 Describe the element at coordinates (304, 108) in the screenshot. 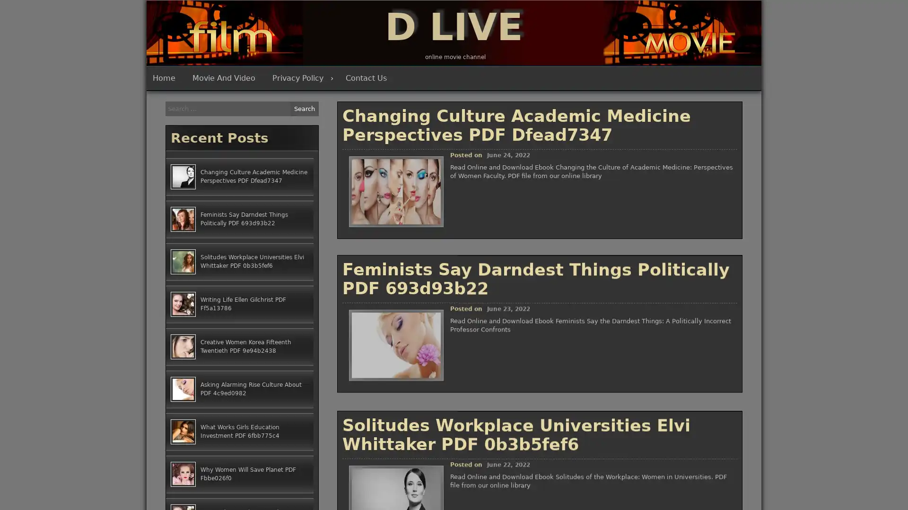

I see `Search` at that location.